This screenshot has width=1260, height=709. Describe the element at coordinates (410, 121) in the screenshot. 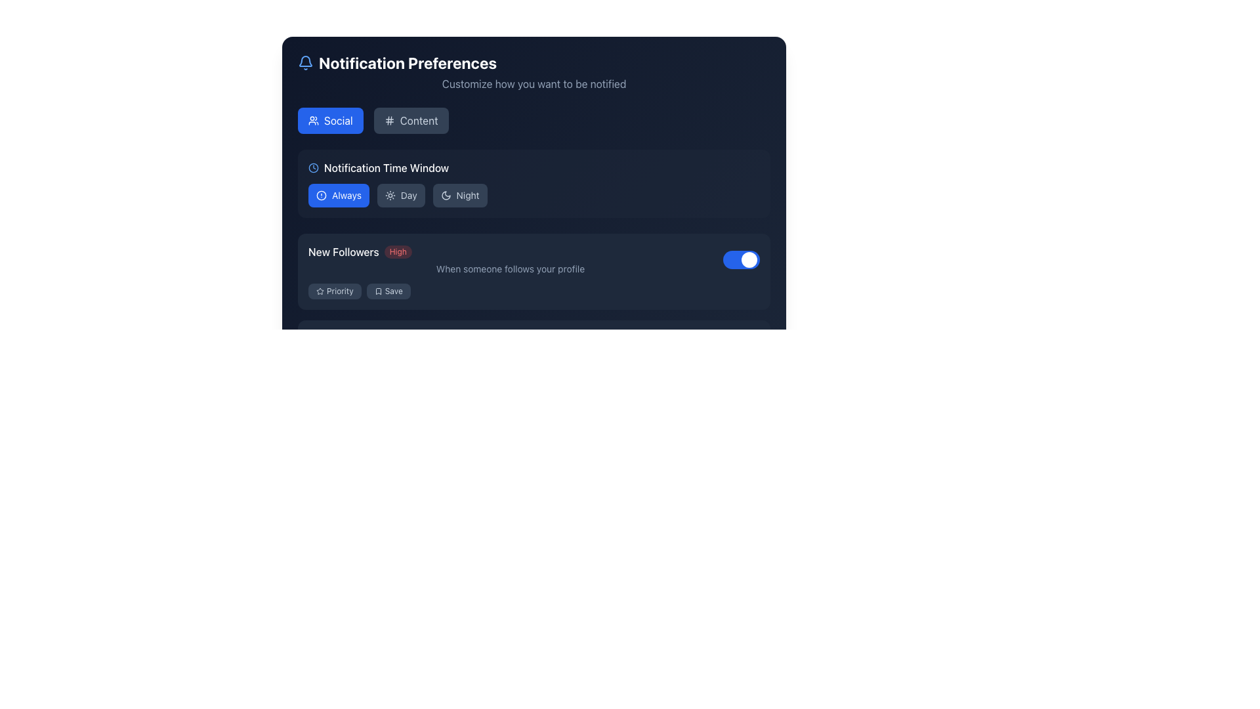

I see `the rectangular button with rounded corners, dark slate blue background, and light gray text reading 'Content'` at that location.